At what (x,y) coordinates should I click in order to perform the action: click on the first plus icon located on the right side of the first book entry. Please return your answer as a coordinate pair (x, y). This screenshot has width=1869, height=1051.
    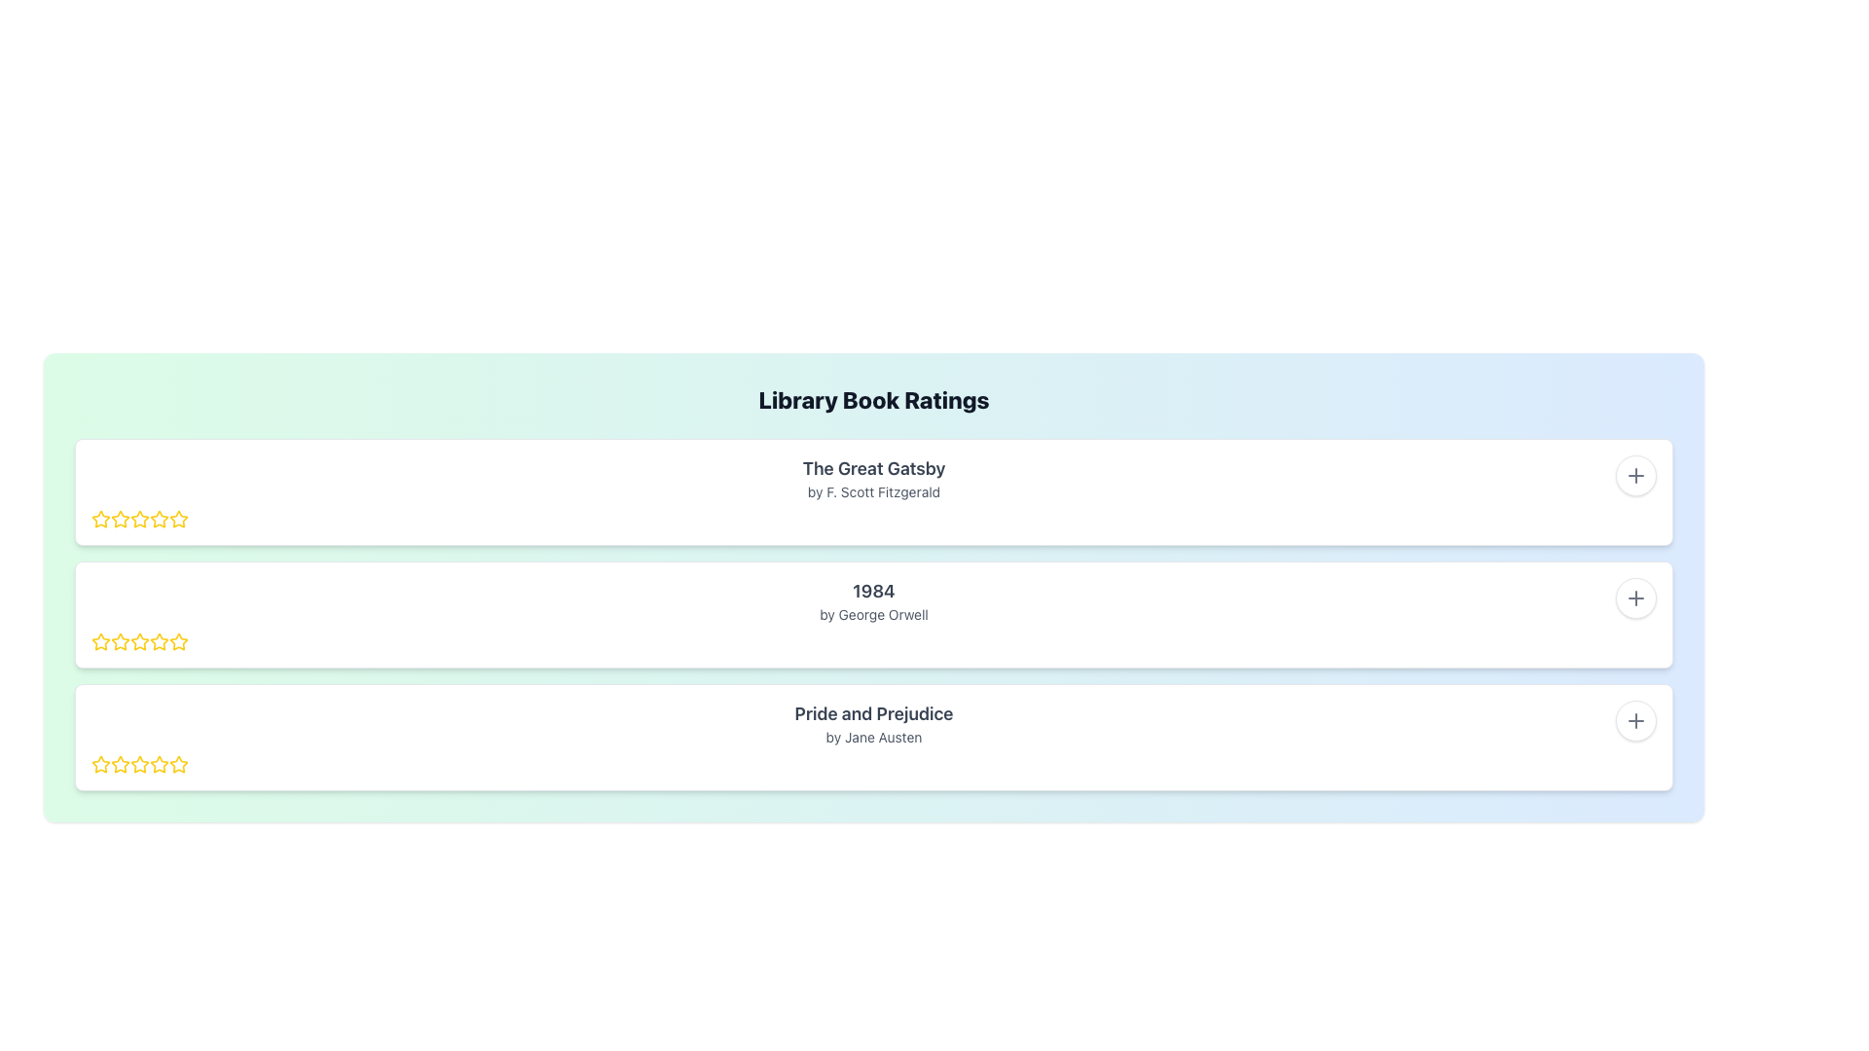
    Looking at the image, I should click on (1635, 476).